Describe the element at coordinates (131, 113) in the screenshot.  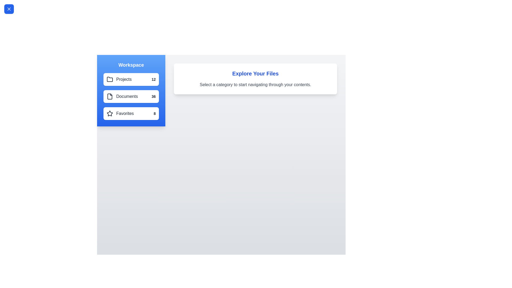
I see `the category Favorites from the list` at that location.